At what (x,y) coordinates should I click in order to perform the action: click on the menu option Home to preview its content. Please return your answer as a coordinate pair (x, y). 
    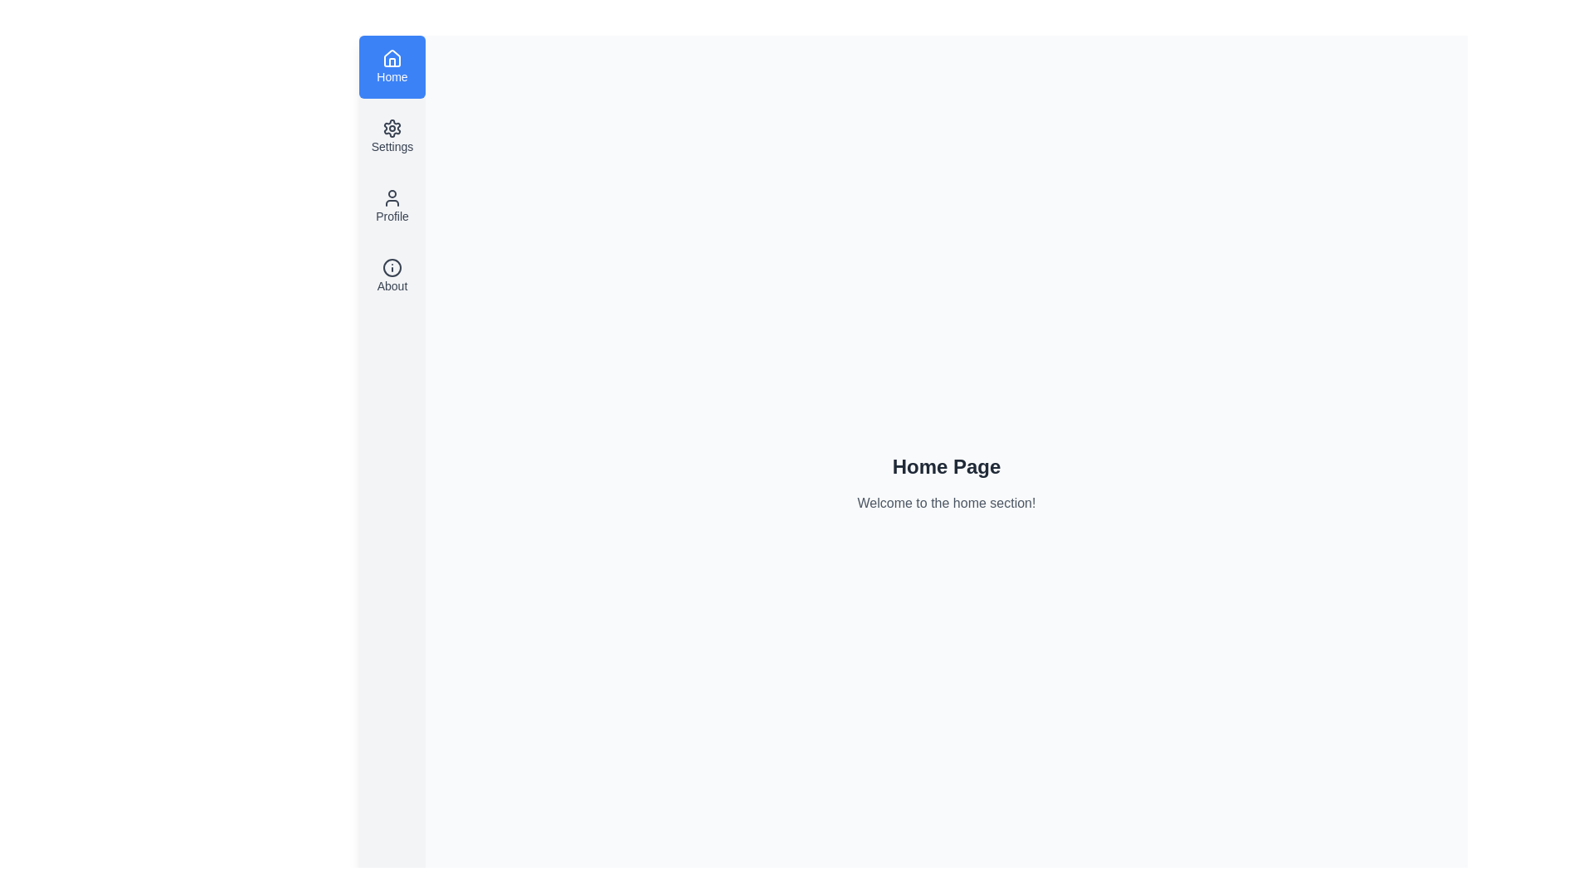
    Looking at the image, I should click on (392, 66).